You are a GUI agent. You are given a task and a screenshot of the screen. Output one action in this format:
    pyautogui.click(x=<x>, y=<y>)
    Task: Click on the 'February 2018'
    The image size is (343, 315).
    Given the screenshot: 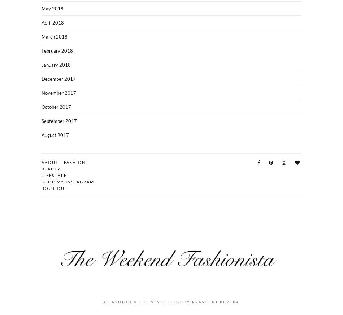 What is the action you would take?
    pyautogui.click(x=57, y=50)
    